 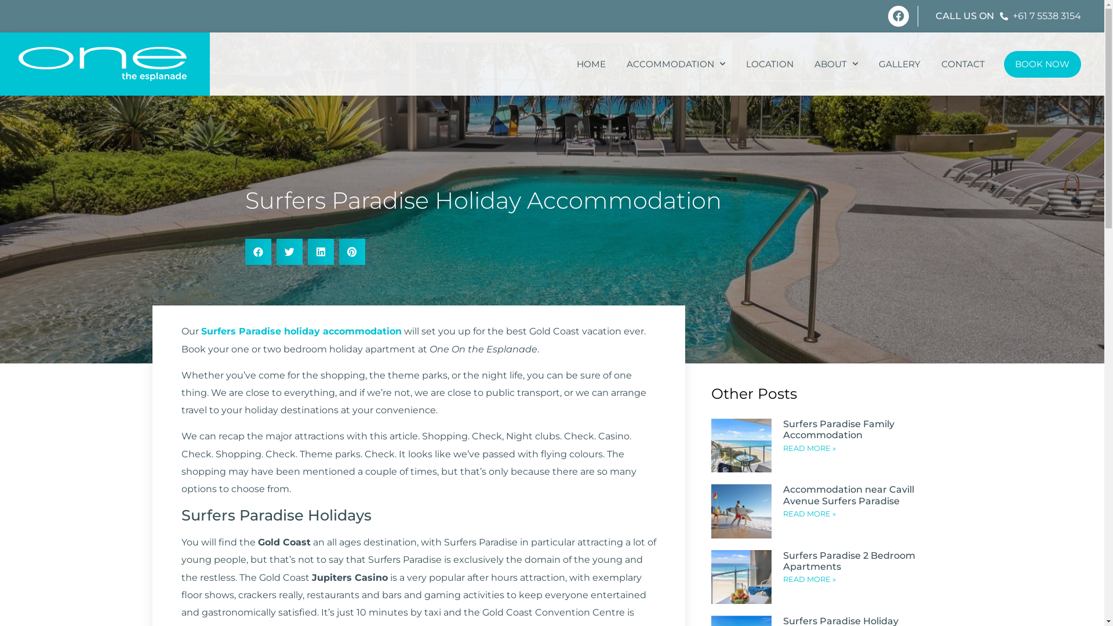 I want to click on 'GALLERY', so click(x=899, y=64).